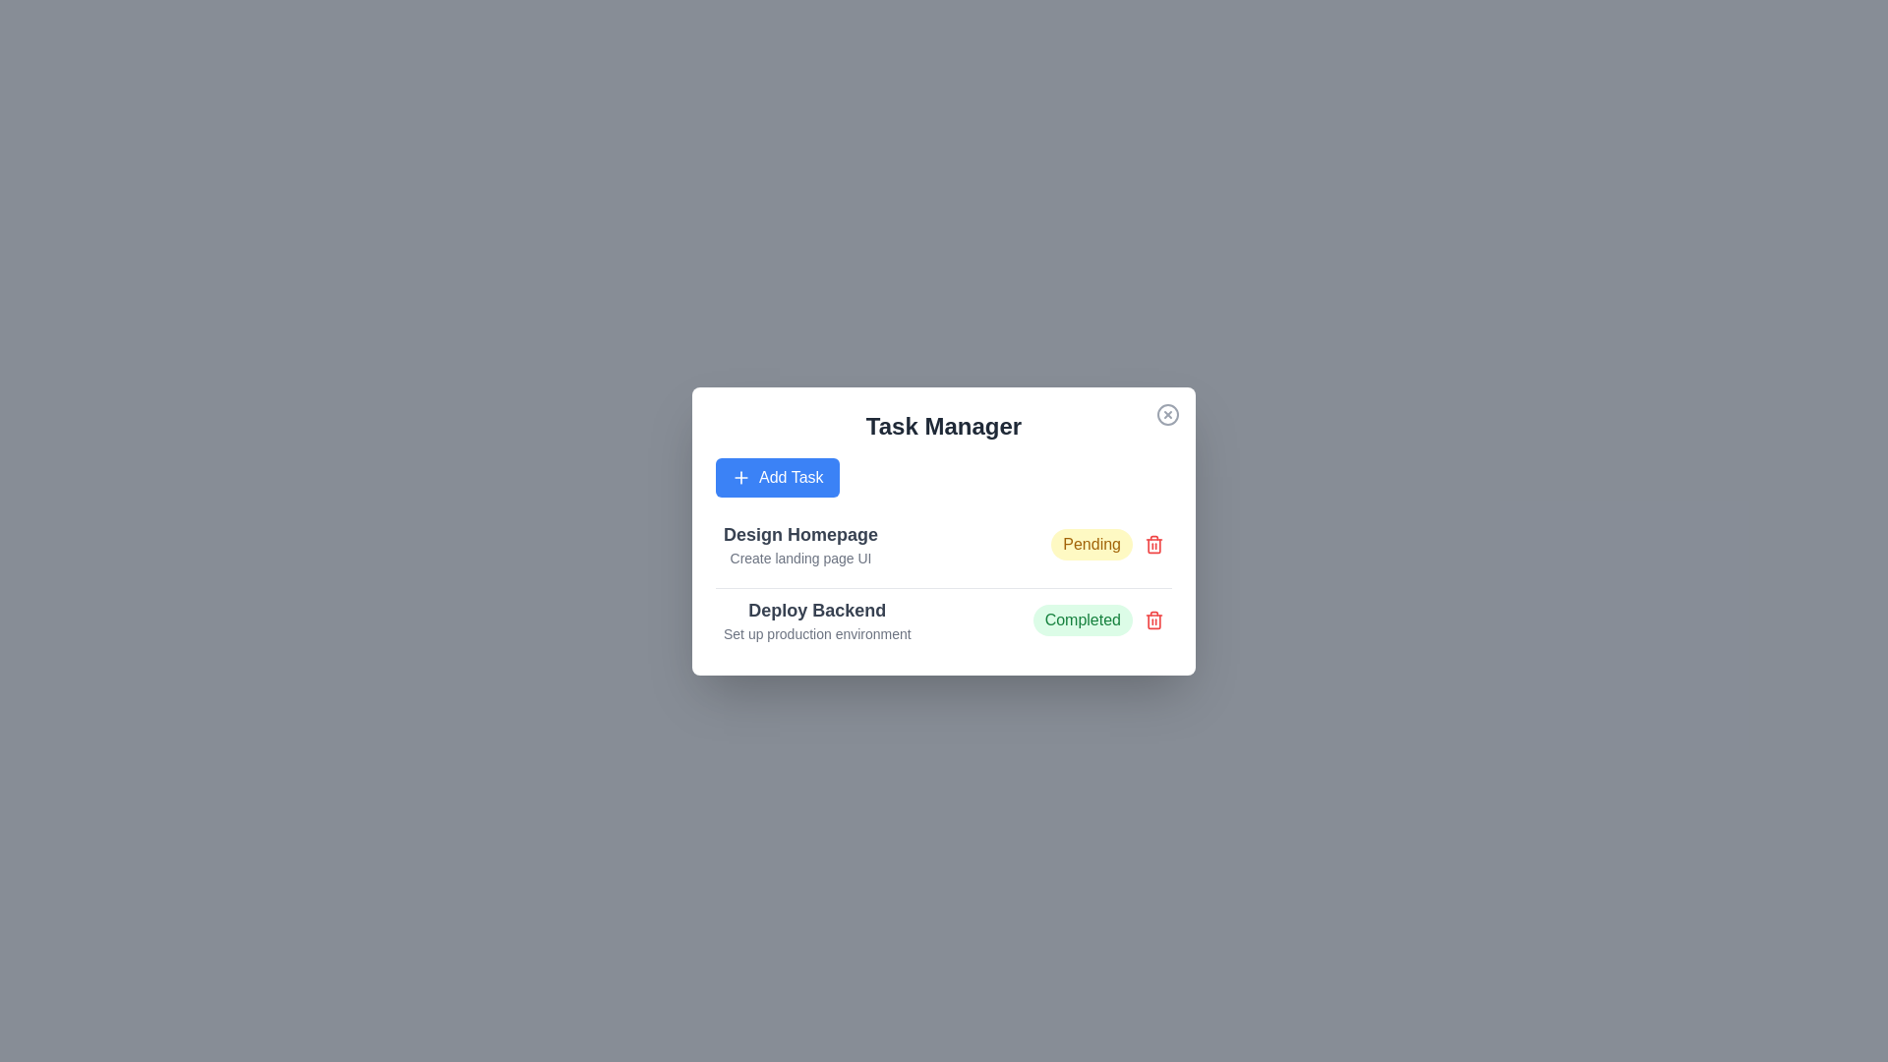 The image size is (1888, 1062). Describe the element at coordinates (817, 609) in the screenshot. I see `the Text label that describes the task immediately following 'Design Homepage' in the task manager interface` at that location.